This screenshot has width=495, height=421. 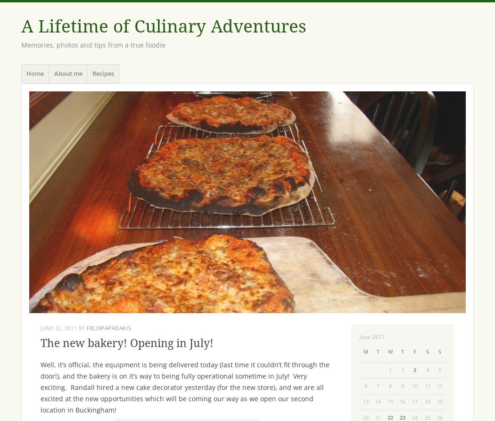 I want to click on '13', so click(x=363, y=401).